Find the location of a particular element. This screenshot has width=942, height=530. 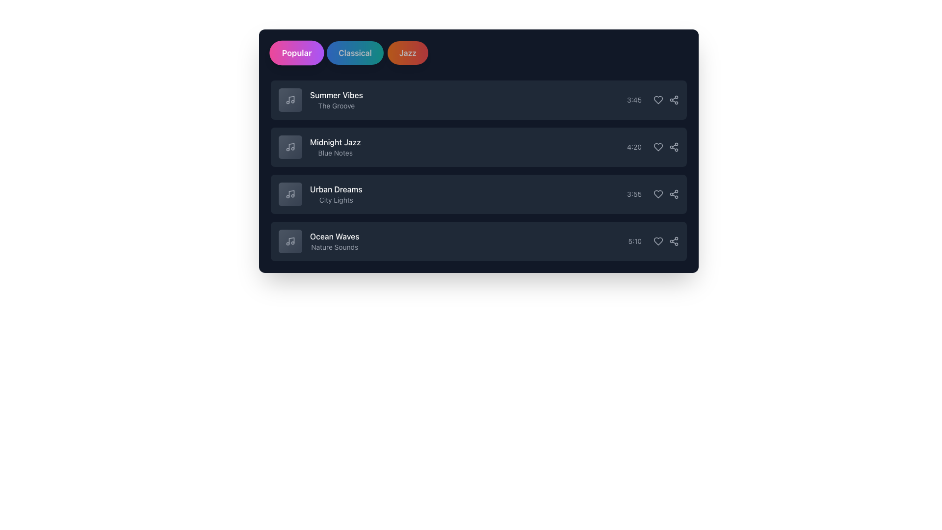

the text label providing contextual information for 'Summer Vibes', located directly below the main title in the music playlist interface is located at coordinates (337, 106).